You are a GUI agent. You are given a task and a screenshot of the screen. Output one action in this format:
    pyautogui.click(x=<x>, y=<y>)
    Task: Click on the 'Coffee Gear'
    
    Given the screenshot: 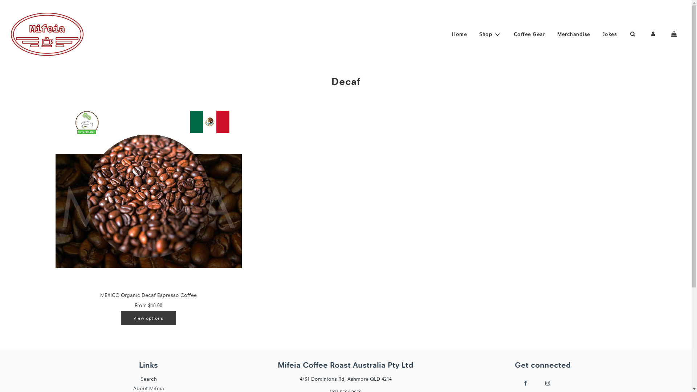 What is the action you would take?
    pyautogui.click(x=529, y=34)
    